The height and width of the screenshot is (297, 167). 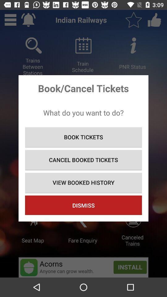 I want to click on icon at the bottom, so click(x=83, y=205).